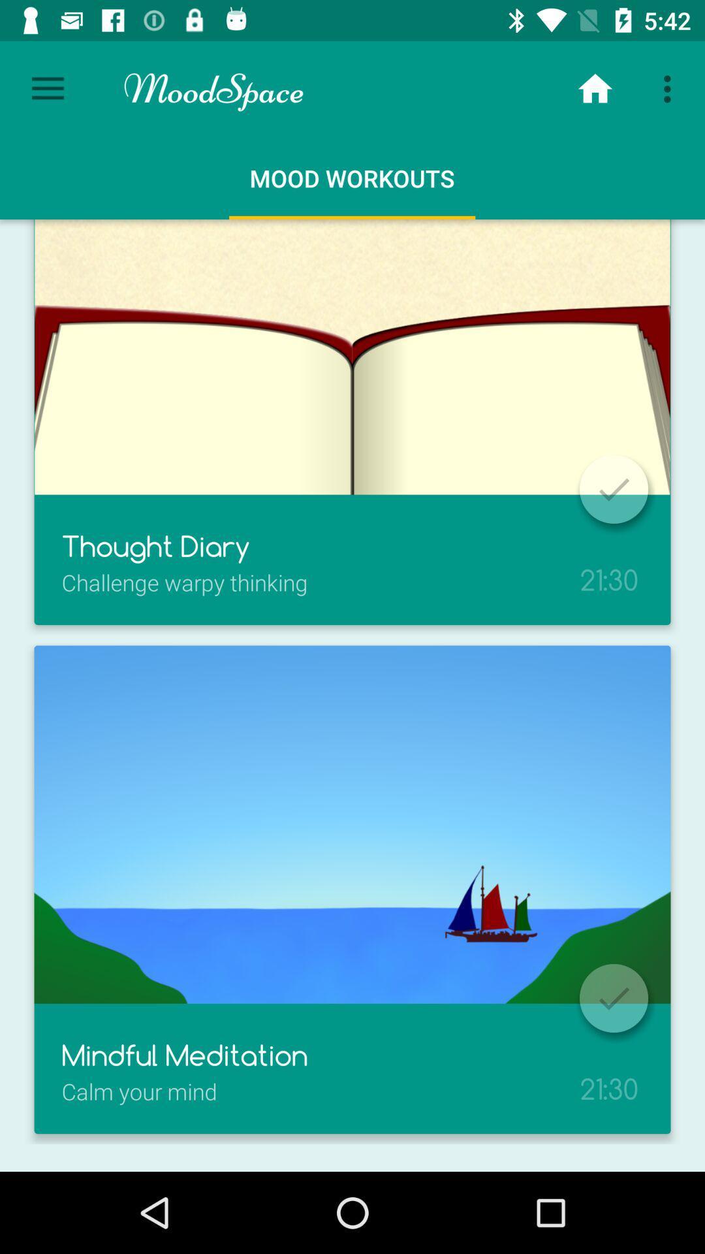  What do you see at coordinates (47, 88) in the screenshot?
I see `item to the left of moodspace` at bounding box center [47, 88].